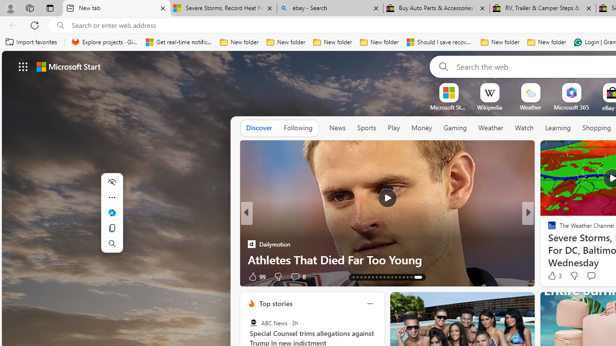 The height and width of the screenshot is (346, 616). I want to click on 'More Options', so click(586, 86).